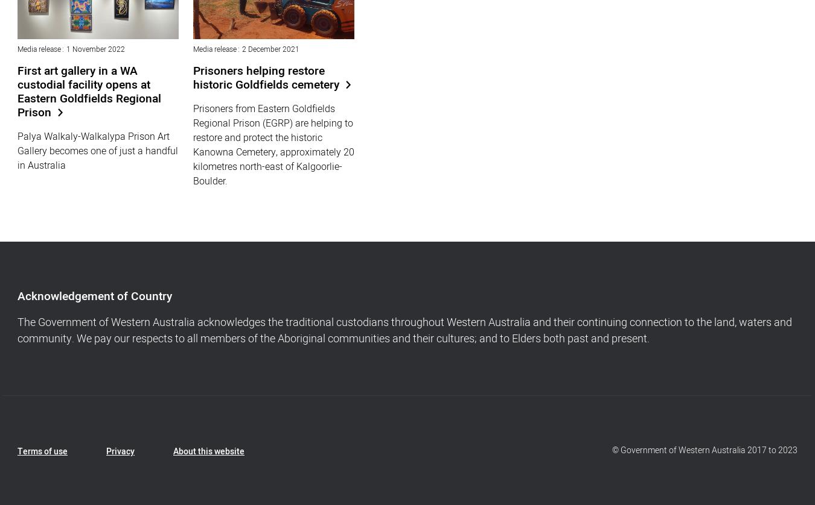 This screenshot has height=505, width=815. Describe the element at coordinates (89, 92) in the screenshot. I see `'First art gallery in a WA custodial facility opens at Eastern Goldfields Regional Prison'` at that location.